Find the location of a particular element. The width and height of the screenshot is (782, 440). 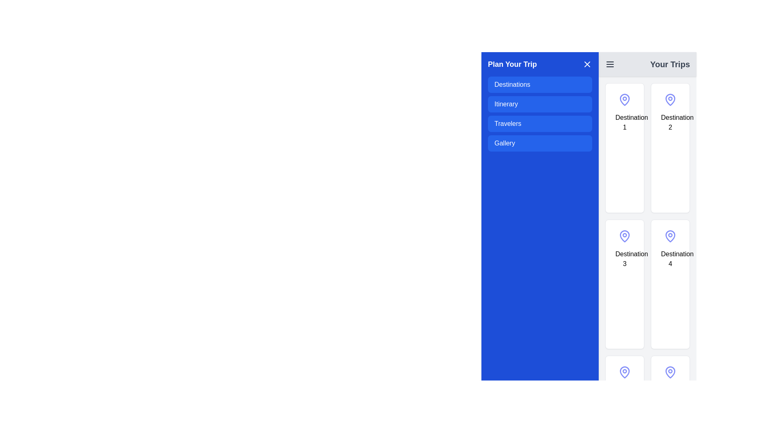

the selectable card labeled 'Destination 2' in the right-side panel under 'Your Trips' is located at coordinates (670, 147).